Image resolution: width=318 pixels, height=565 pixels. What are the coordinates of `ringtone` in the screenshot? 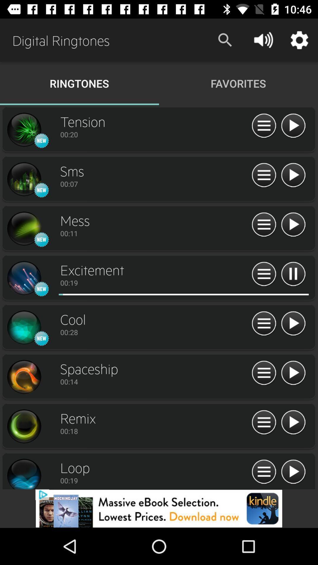 It's located at (293, 422).